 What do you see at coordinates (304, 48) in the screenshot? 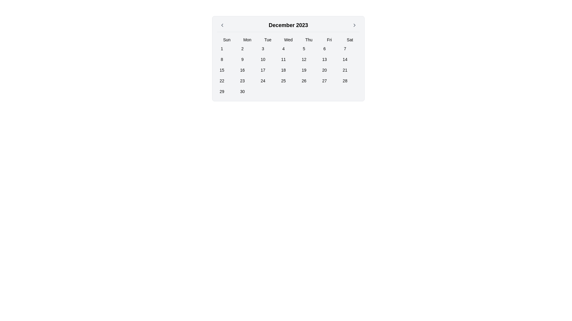
I see `the small square button displaying the number '5' in the calendar grid, located in the first row under 'Thu'` at bounding box center [304, 48].